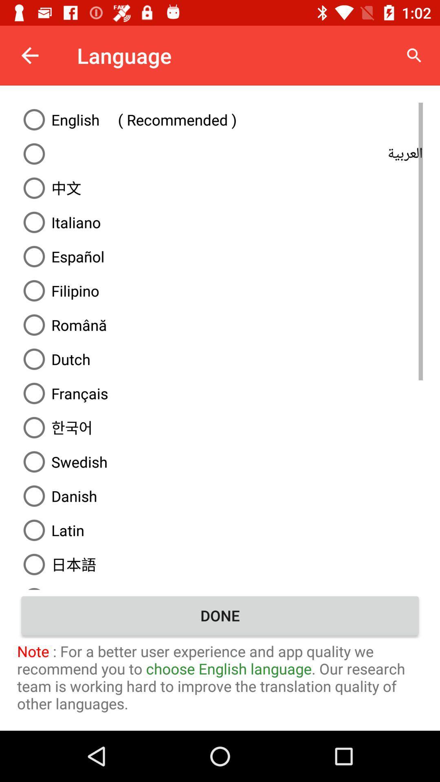  I want to click on filipino on the page, so click(220, 291).